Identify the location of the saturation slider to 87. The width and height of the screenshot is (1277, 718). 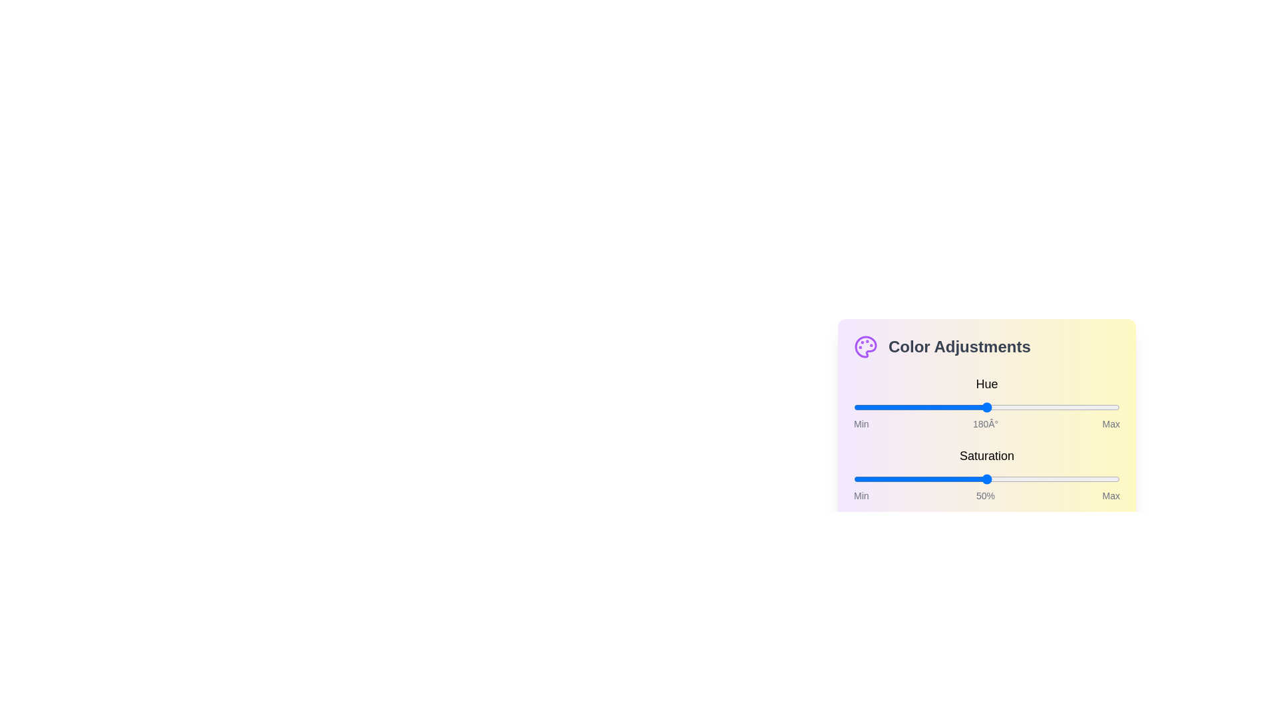
(1085, 479).